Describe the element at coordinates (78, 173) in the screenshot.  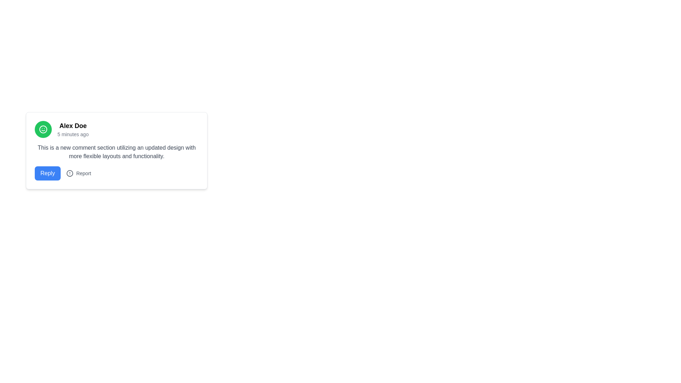
I see `the 'Report' label with a gray font and exclamation icon for a detailed tooltip` at that location.